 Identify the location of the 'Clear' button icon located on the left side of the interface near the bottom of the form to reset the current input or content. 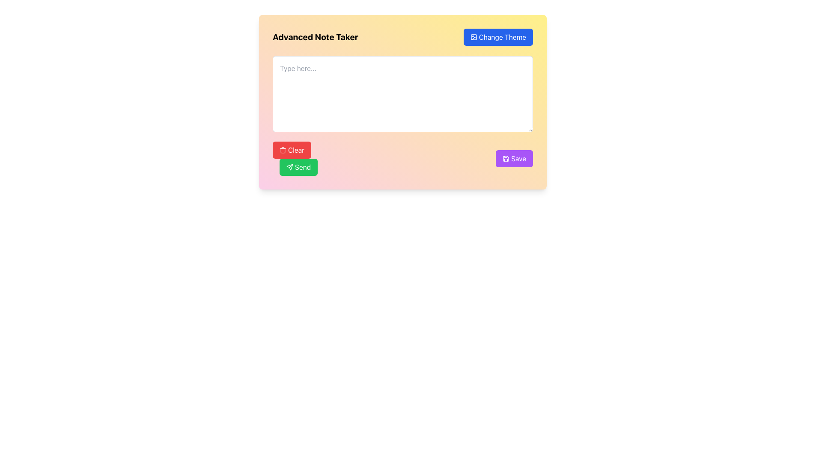
(283, 150).